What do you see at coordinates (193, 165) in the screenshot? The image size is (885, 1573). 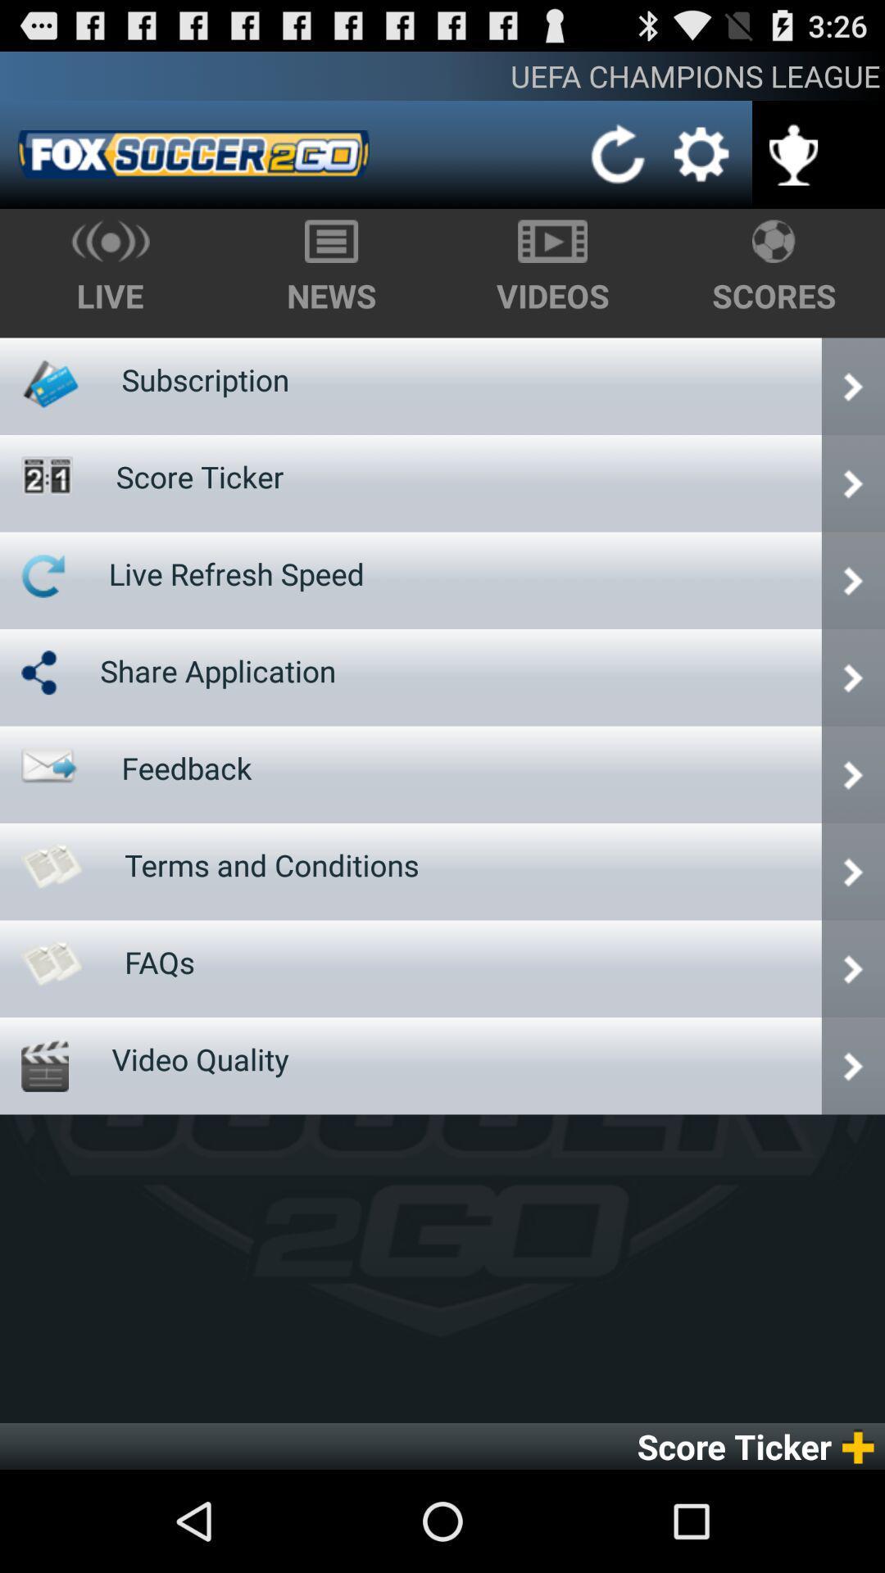 I see `the date_range icon` at bounding box center [193, 165].